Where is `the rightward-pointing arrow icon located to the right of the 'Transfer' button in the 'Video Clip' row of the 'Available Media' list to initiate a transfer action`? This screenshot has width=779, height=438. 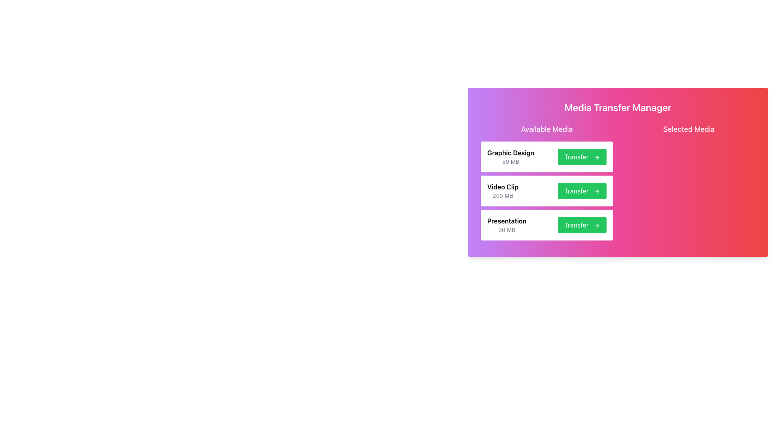 the rightward-pointing arrow icon located to the right of the 'Transfer' button in the 'Video Clip' row of the 'Available Media' list to initiate a transfer action is located at coordinates (596, 191).